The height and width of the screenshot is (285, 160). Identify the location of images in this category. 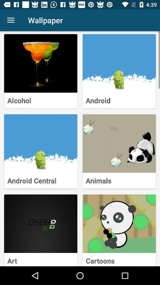
(40, 63).